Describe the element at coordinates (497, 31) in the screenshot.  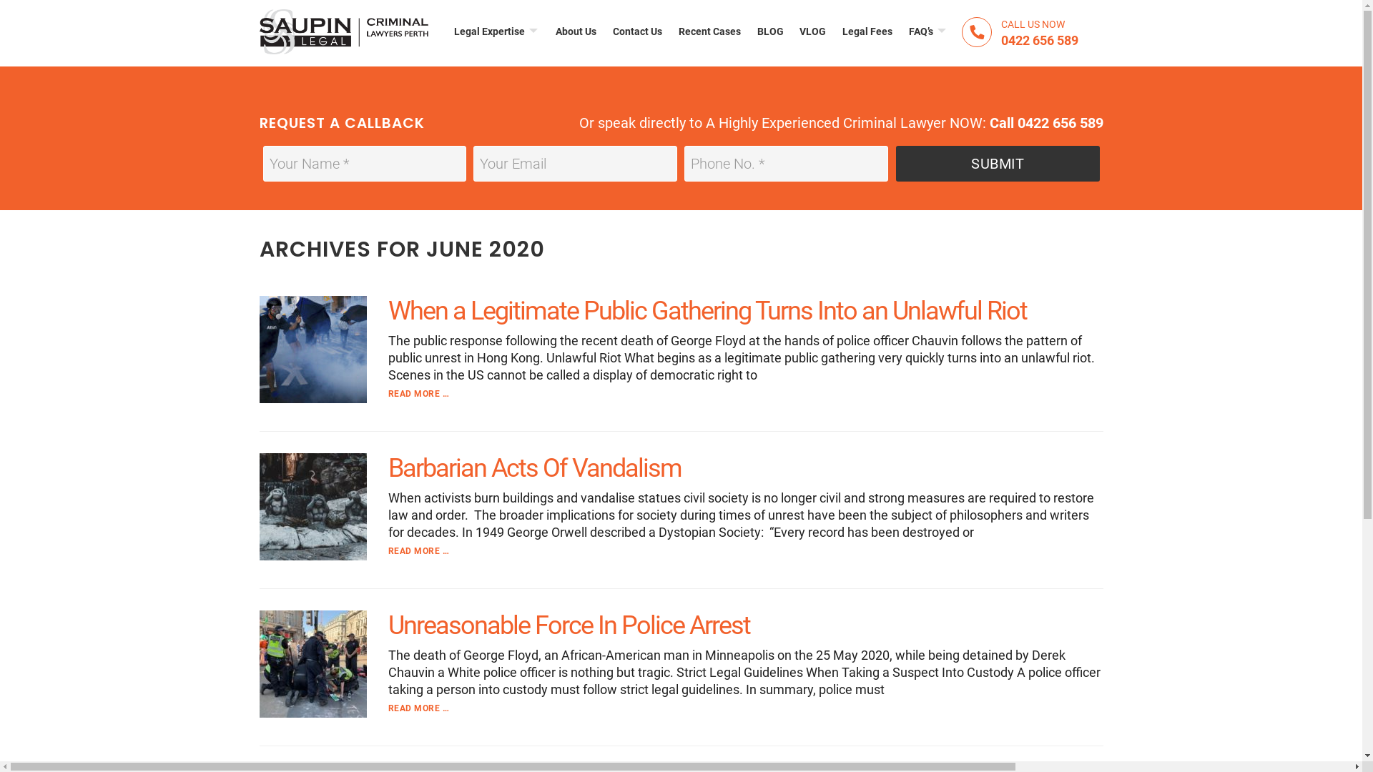
I see `'Legal Expertise'` at that location.